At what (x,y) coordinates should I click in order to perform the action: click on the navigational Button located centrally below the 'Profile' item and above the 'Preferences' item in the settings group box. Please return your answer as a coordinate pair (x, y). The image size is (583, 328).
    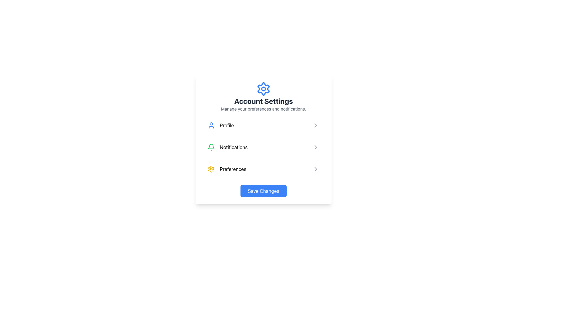
    Looking at the image, I should click on (264, 147).